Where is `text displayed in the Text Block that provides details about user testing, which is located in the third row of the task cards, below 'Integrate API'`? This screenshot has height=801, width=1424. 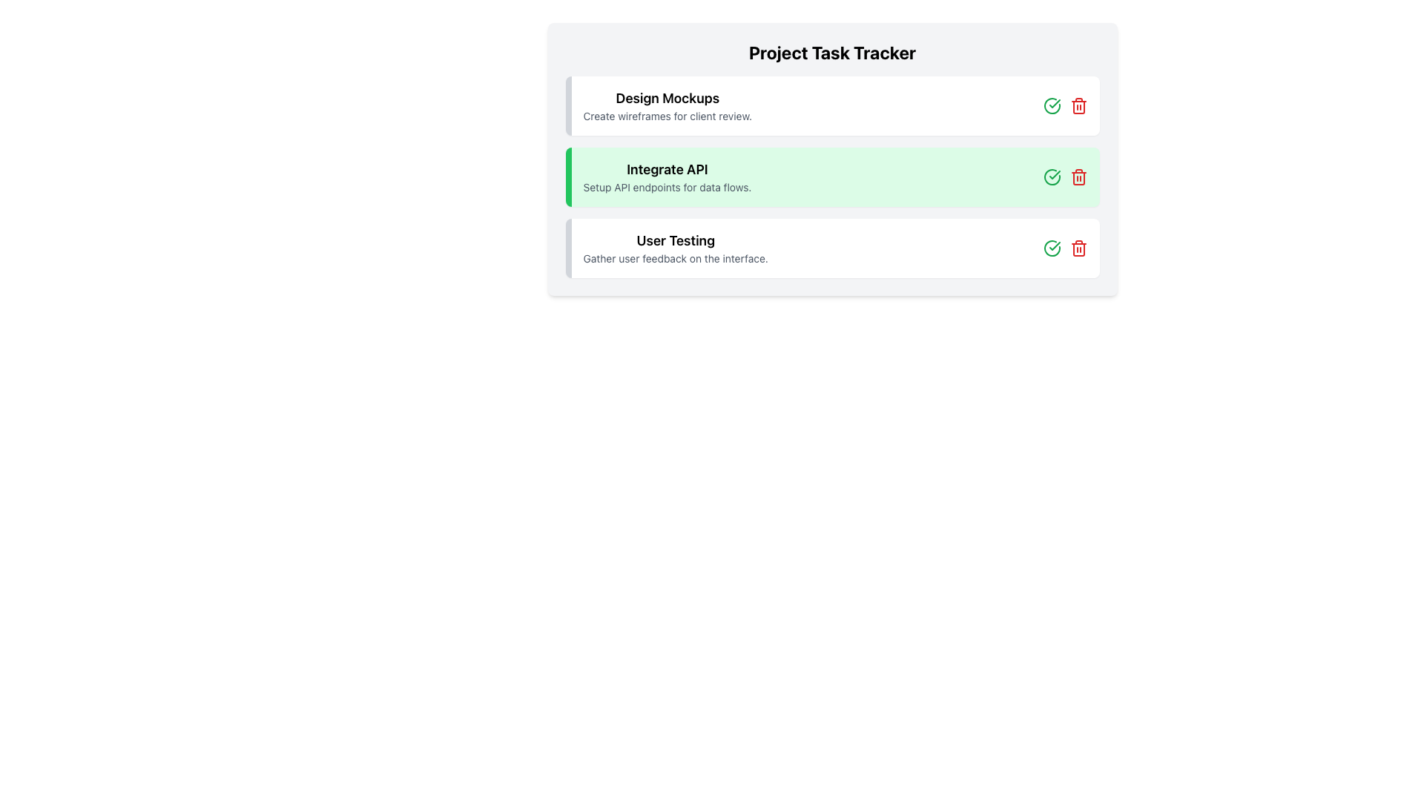
text displayed in the Text Block that provides details about user testing, which is located in the third row of the task cards, below 'Integrate API' is located at coordinates (675, 248).